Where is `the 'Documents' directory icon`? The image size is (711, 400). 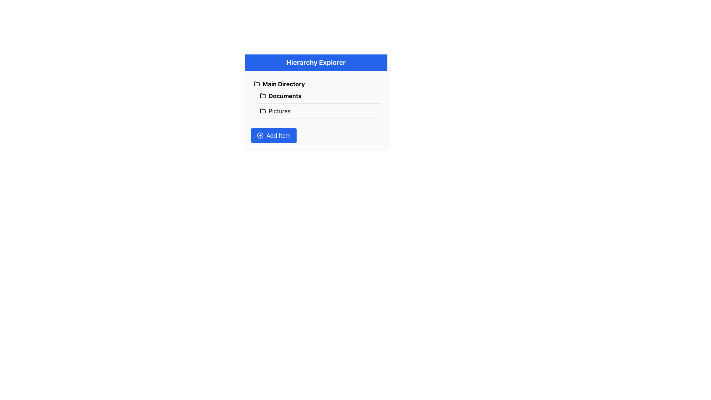
the 'Documents' directory icon is located at coordinates (263, 95).